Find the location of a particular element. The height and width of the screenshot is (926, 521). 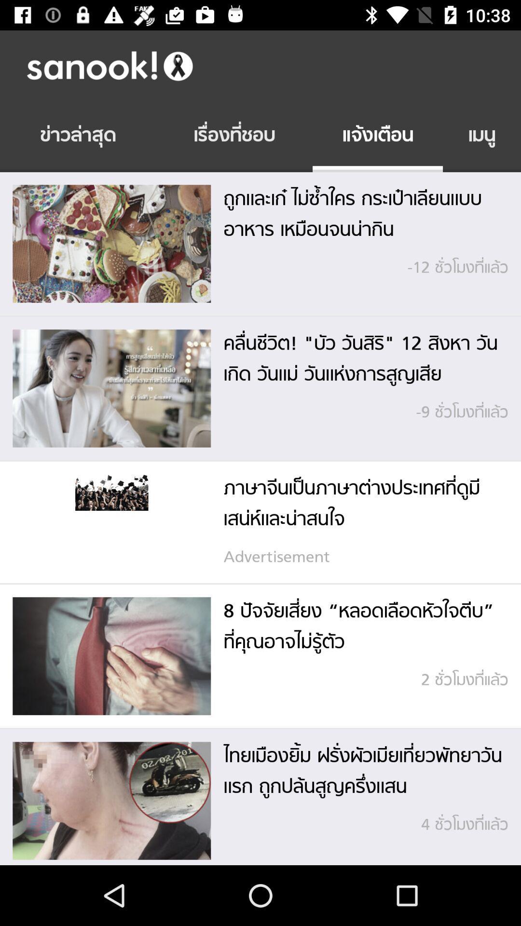

the icon below the advertisement is located at coordinates (260, 583).